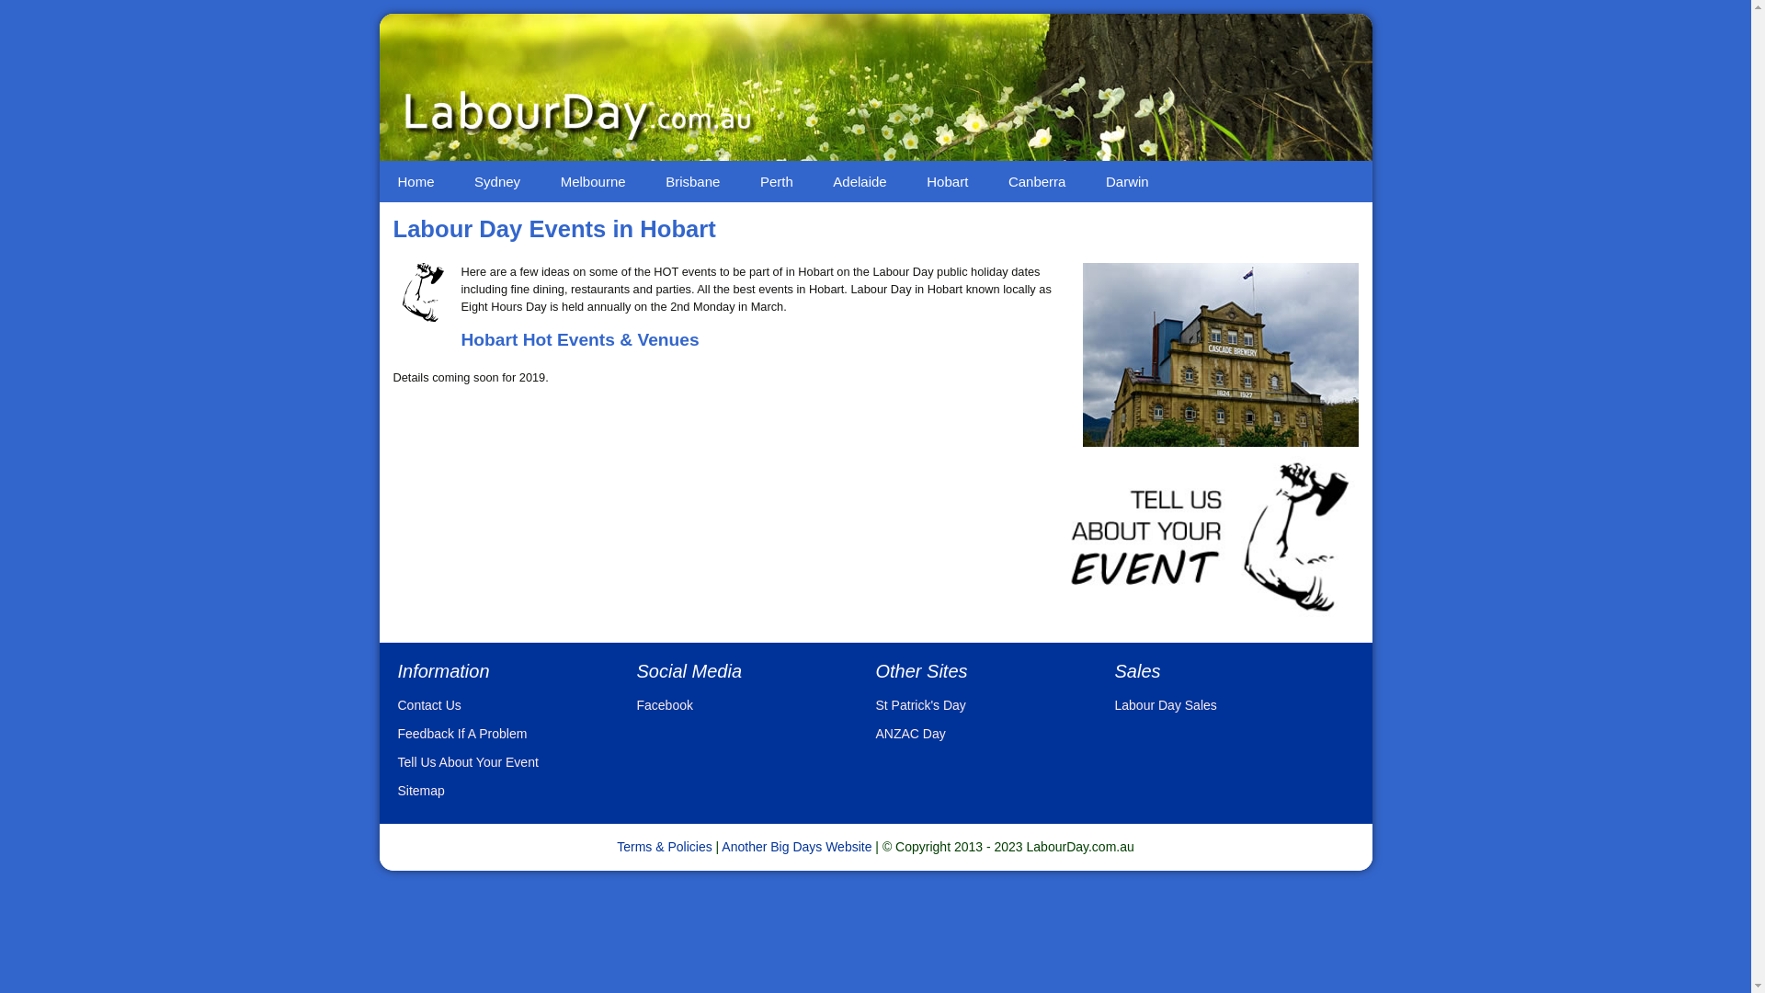 The image size is (1765, 993). Describe the element at coordinates (593, 181) in the screenshot. I see `'Melbourne'` at that location.